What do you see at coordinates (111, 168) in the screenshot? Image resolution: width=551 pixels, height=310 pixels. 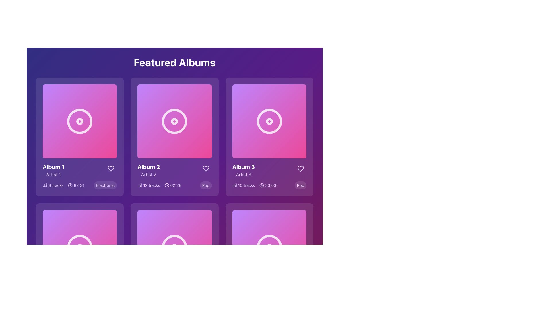 I see `the favorite marker icon button located at the bottom-right corner of the 'Album 1 by Artist 1' card` at bounding box center [111, 168].